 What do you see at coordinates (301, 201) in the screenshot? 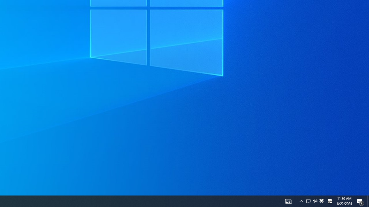
I see `'Notification Chevron'` at bounding box center [301, 201].